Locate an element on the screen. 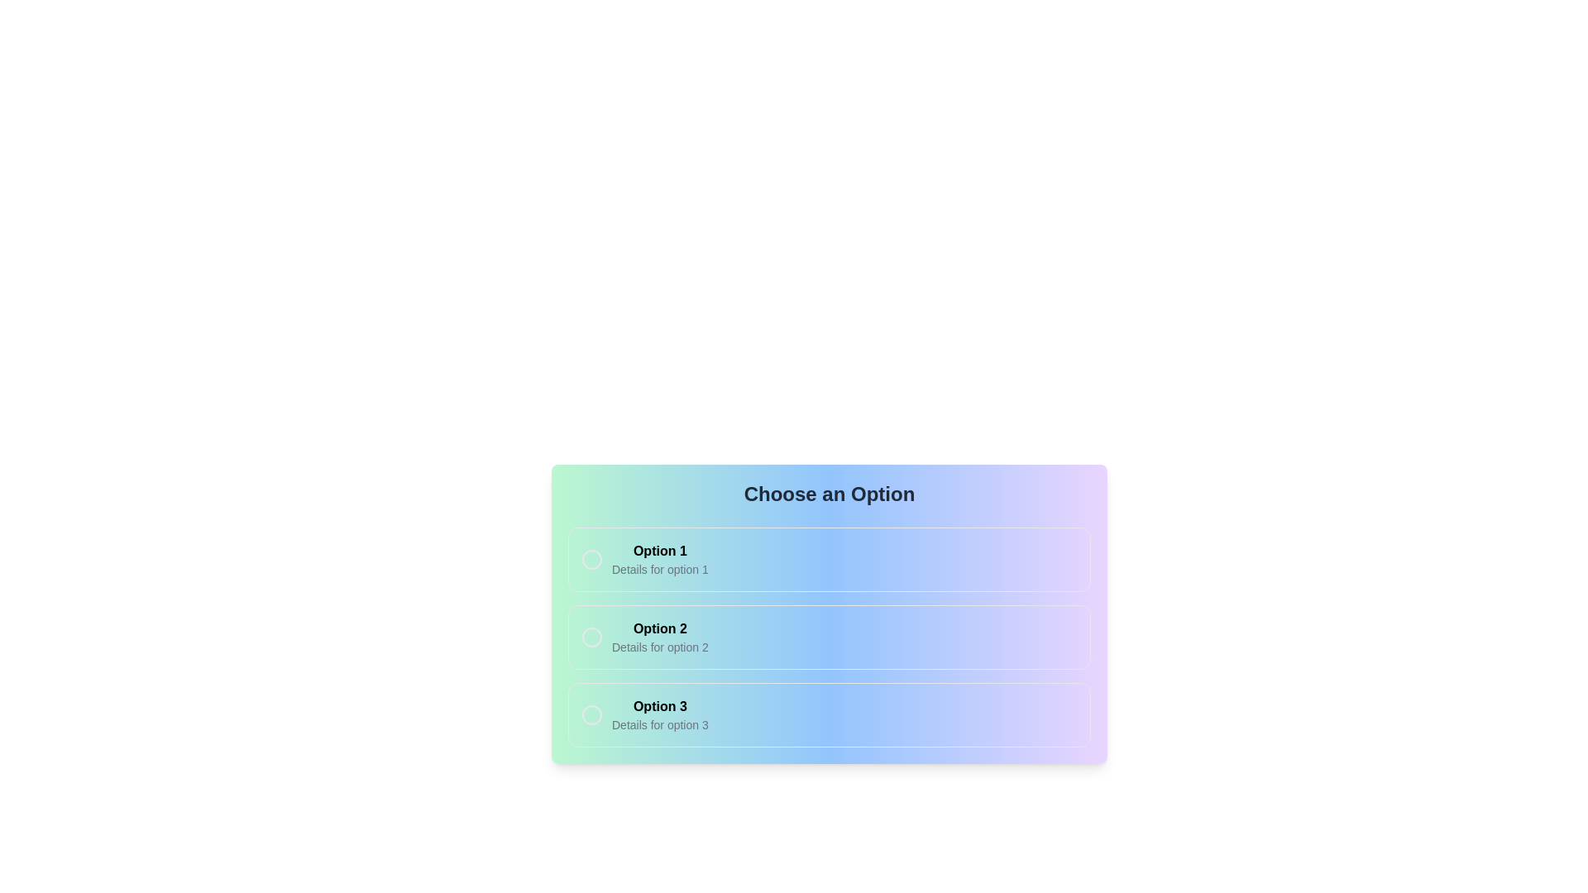 The height and width of the screenshot is (893, 1588). the text display element that provides the title and details for the first selectable option in the list to read its content is located at coordinates (659, 559).